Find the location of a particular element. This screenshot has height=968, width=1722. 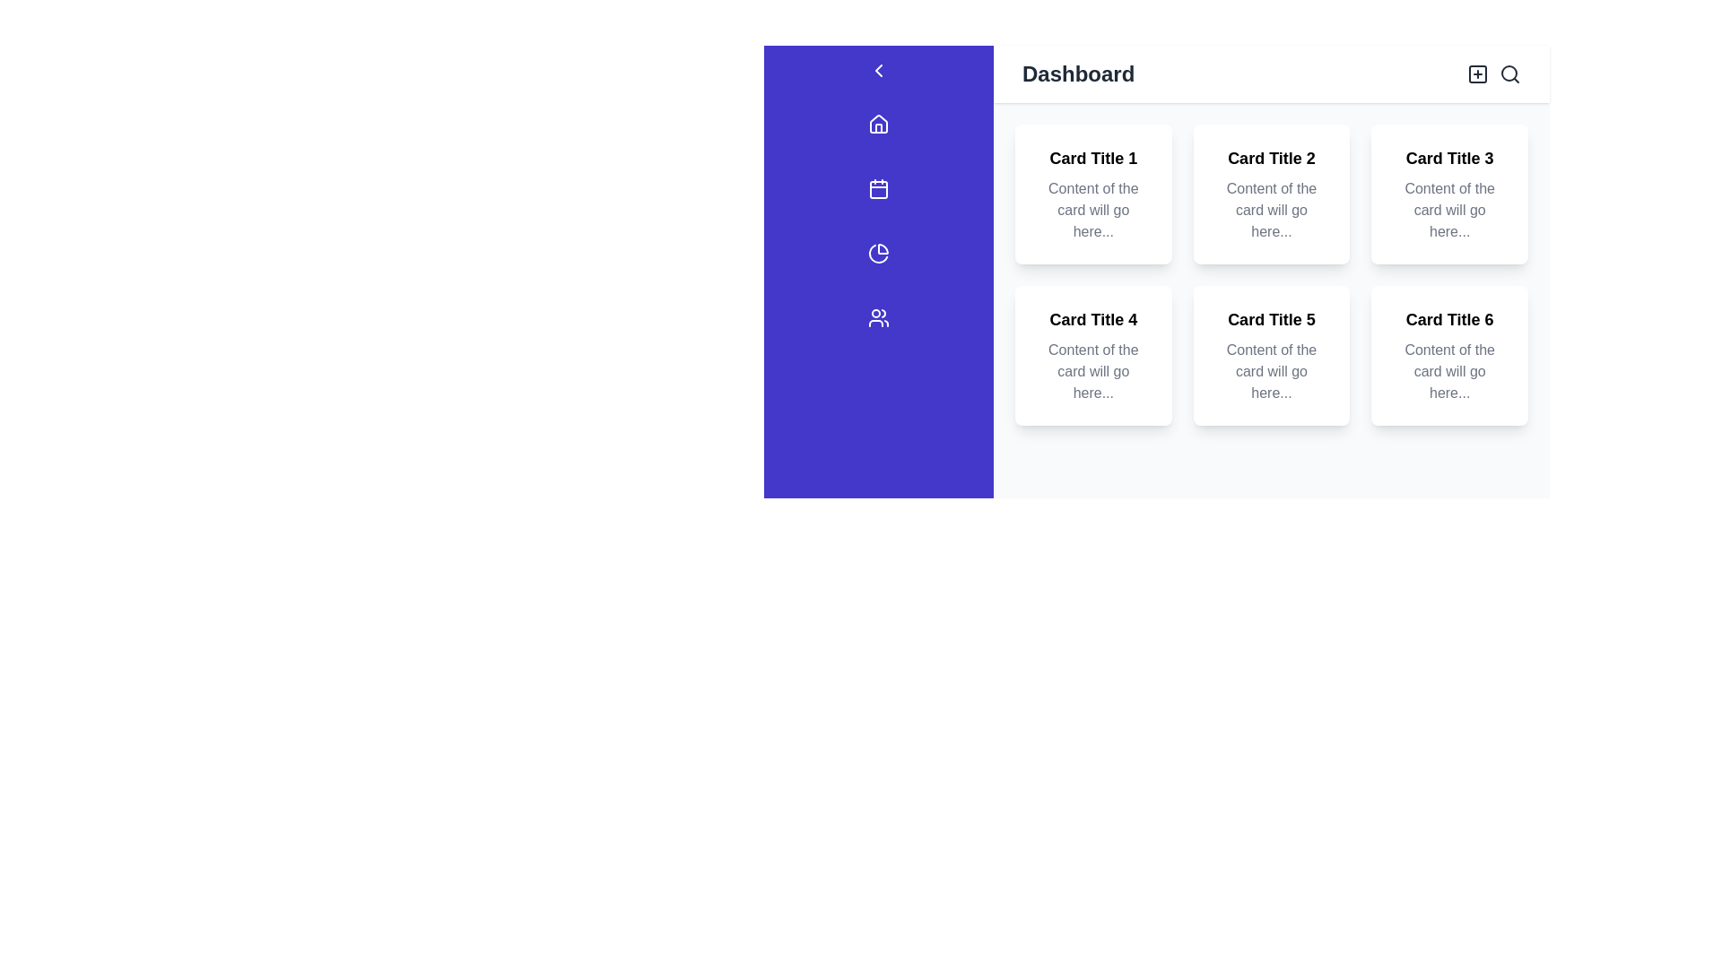

a card in the Grid layout located below the 'Dashboard' header is located at coordinates (1270, 275).